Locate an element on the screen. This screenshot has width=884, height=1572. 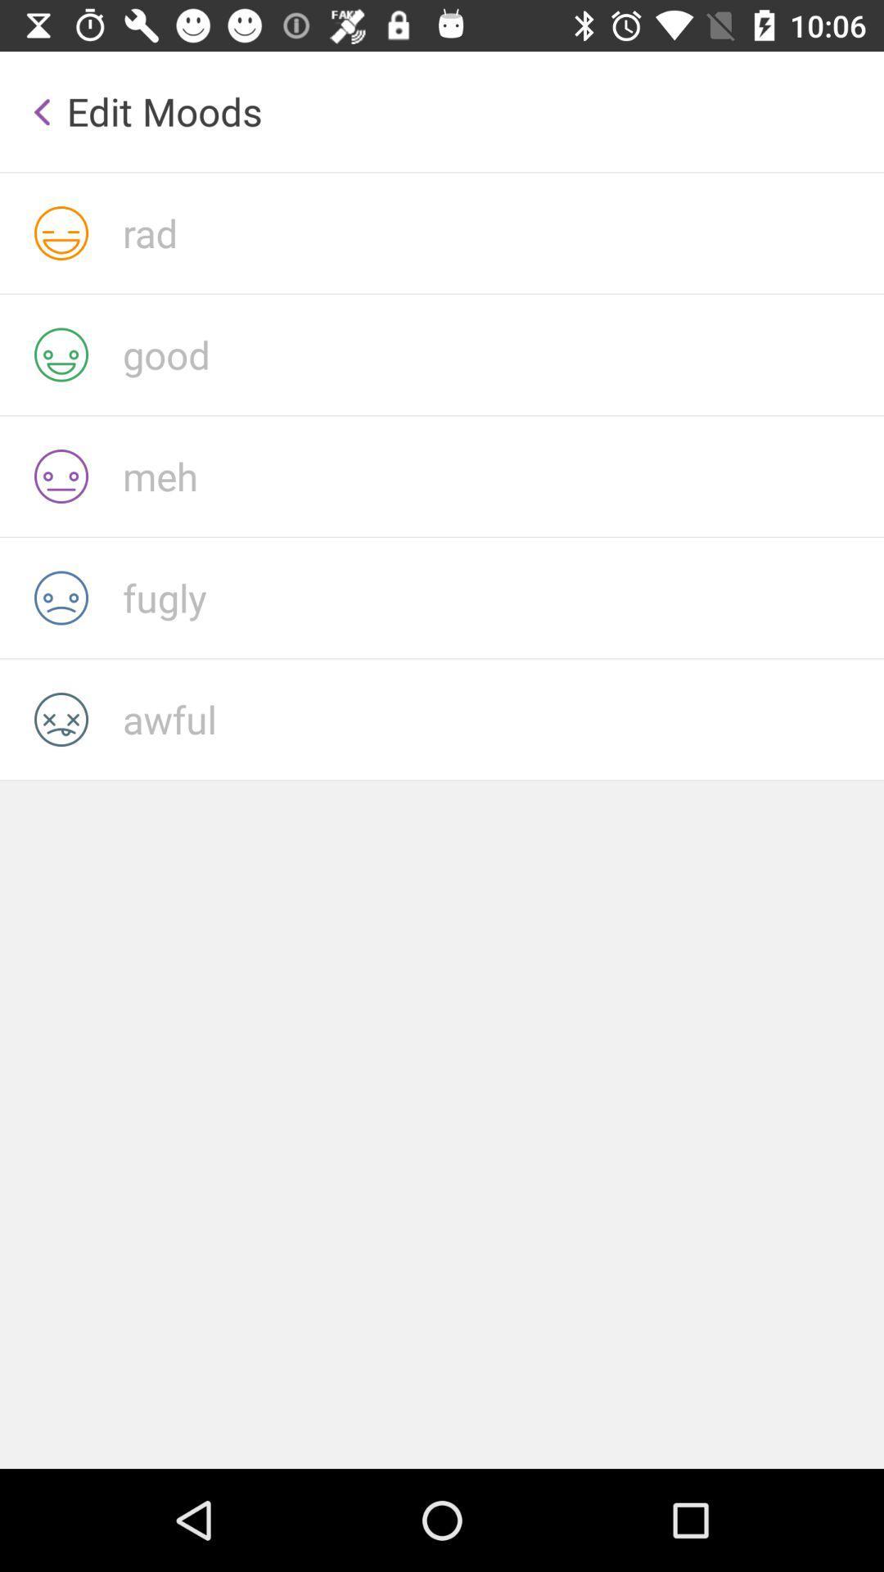
rad is located at coordinates (502, 232).